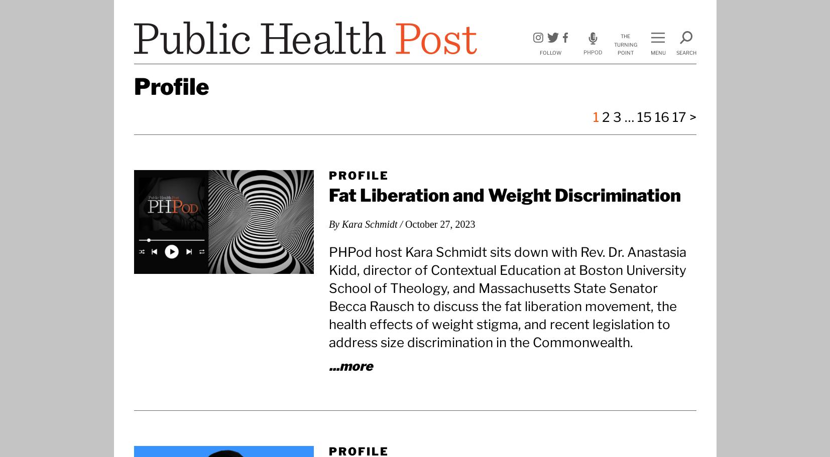 The width and height of the screenshot is (830, 457). Describe the element at coordinates (596, 117) in the screenshot. I see `'1'` at that location.